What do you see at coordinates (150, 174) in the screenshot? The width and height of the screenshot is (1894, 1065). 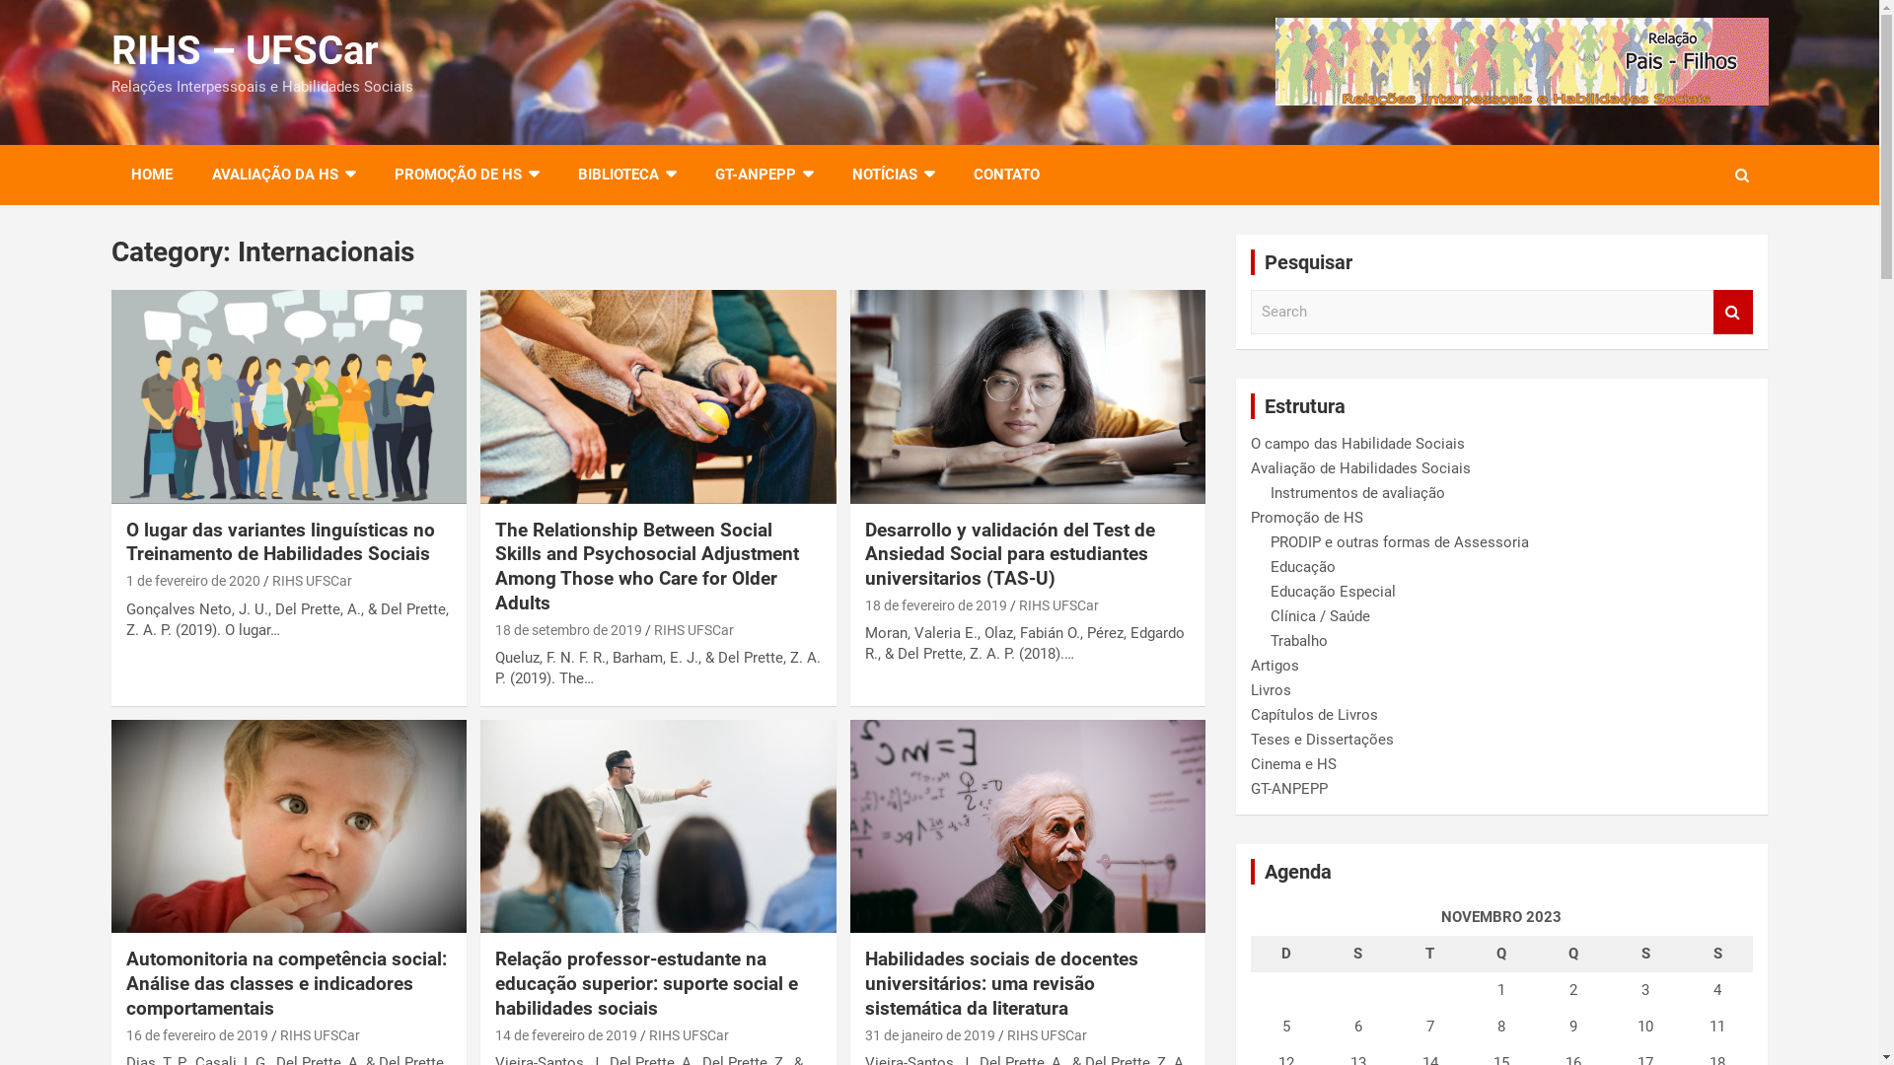 I see `'HOME'` at bounding box center [150, 174].